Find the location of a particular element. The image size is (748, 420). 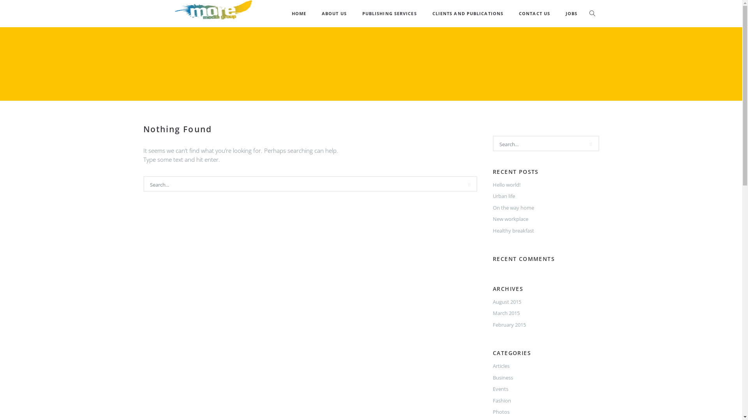

'Photos' is located at coordinates (501, 411).